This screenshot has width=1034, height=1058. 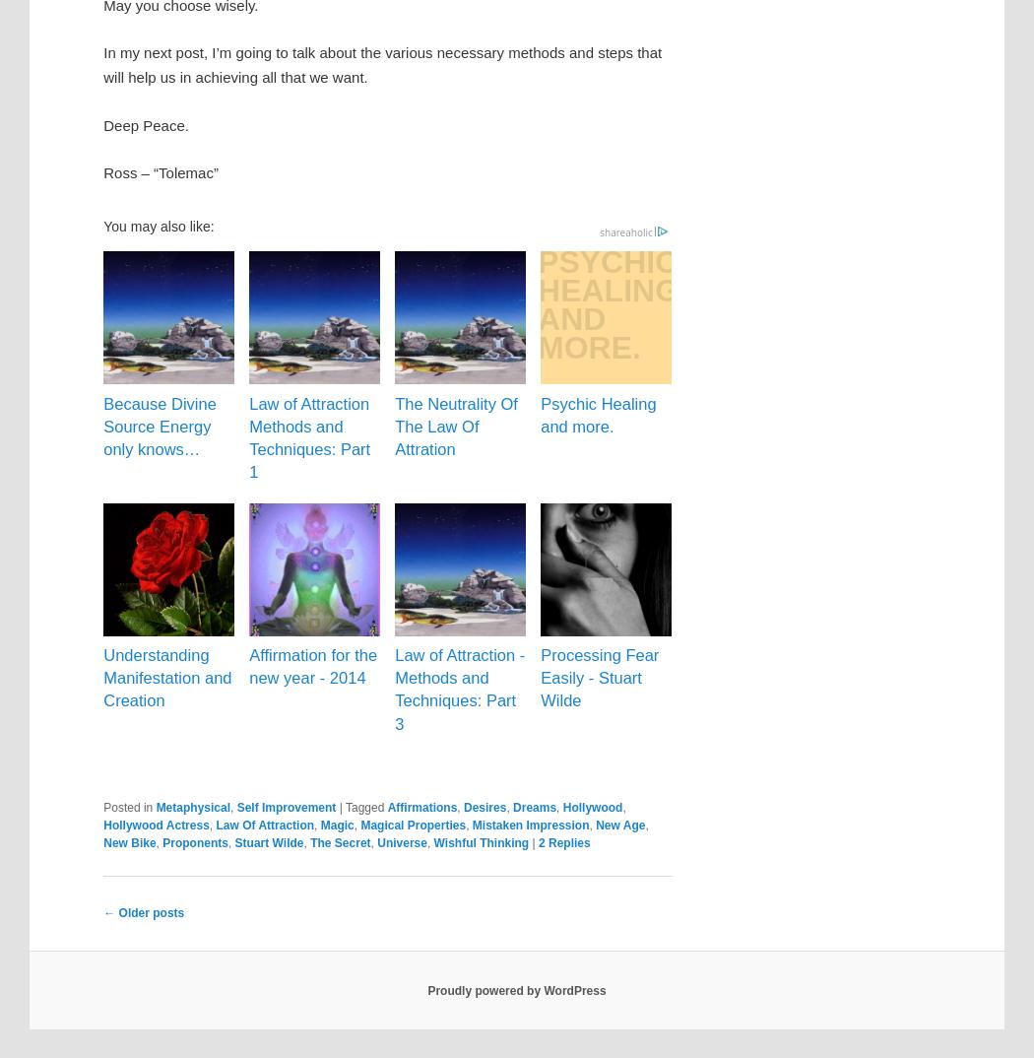 I want to click on 'Dreams', so click(x=534, y=807).